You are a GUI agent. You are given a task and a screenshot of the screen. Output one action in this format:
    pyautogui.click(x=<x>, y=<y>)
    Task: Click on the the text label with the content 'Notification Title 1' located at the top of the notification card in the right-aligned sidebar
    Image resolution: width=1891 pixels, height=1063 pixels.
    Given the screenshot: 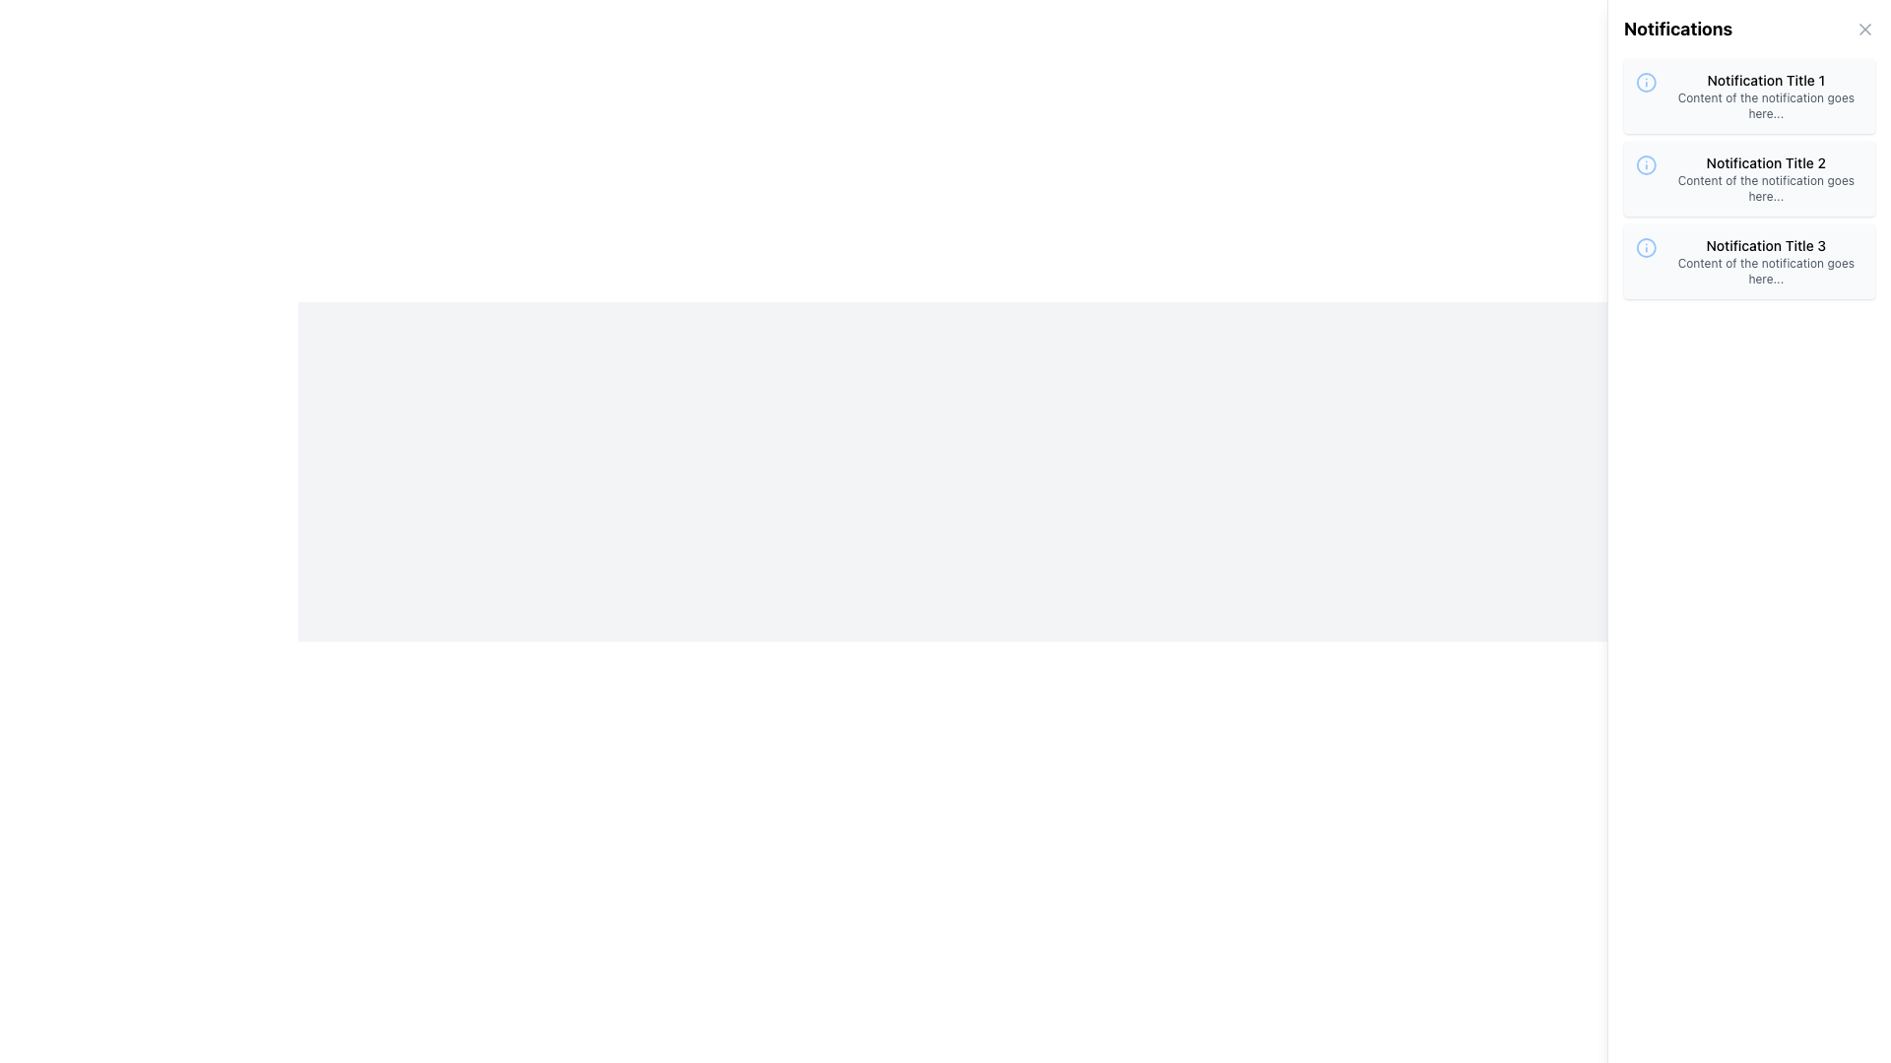 What is the action you would take?
    pyautogui.click(x=1766, y=79)
    